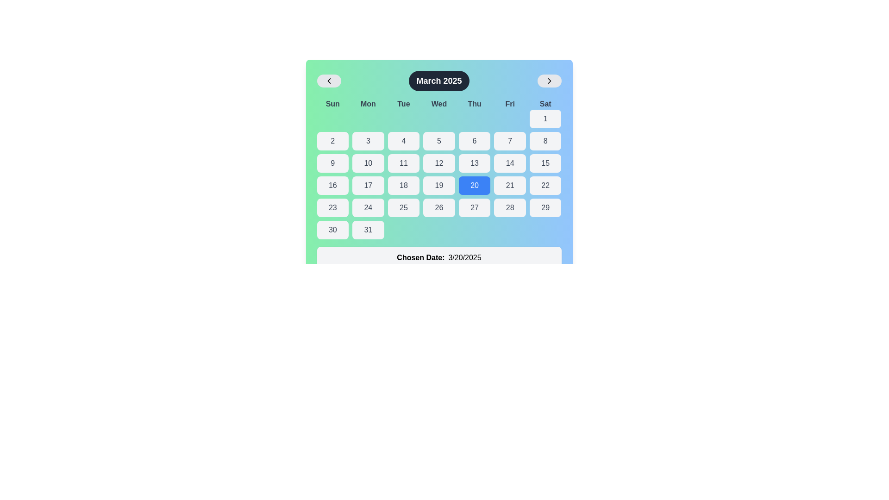  Describe the element at coordinates (509, 104) in the screenshot. I see `the label displaying 'Fri' in bold gray font, which is the sixth element among the days of the week in the calendar header, positioned between 'Thu' and 'Sat'` at that location.